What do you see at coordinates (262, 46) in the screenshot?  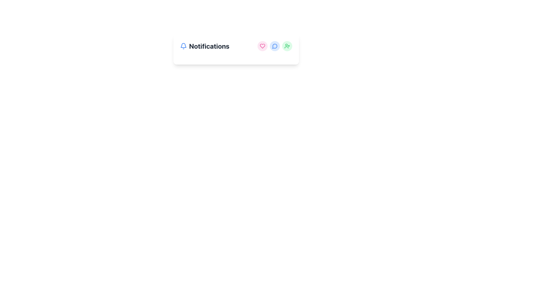 I see `the stylized vector heart icon with a pink color fill, located to the right of the 'Notifications' text, to indicate a 'like' or 'favorite' action` at bounding box center [262, 46].